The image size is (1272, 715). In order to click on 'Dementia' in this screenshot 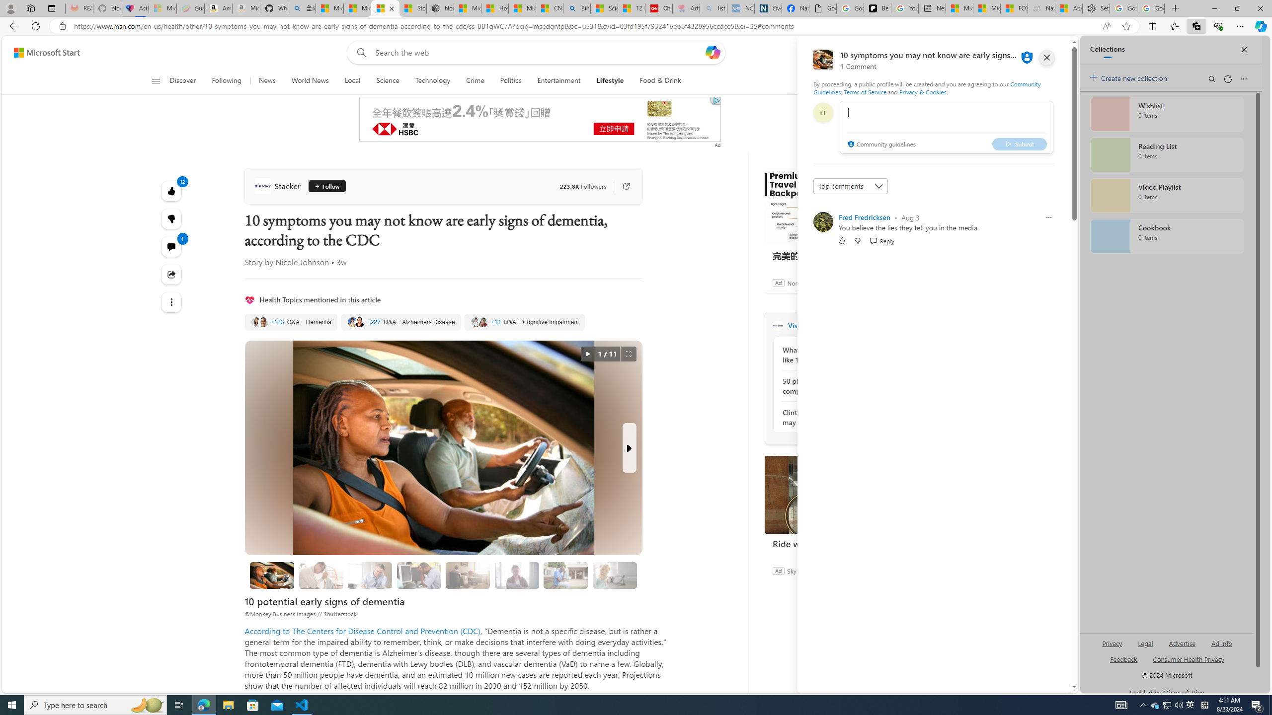, I will do `click(290, 321)`.